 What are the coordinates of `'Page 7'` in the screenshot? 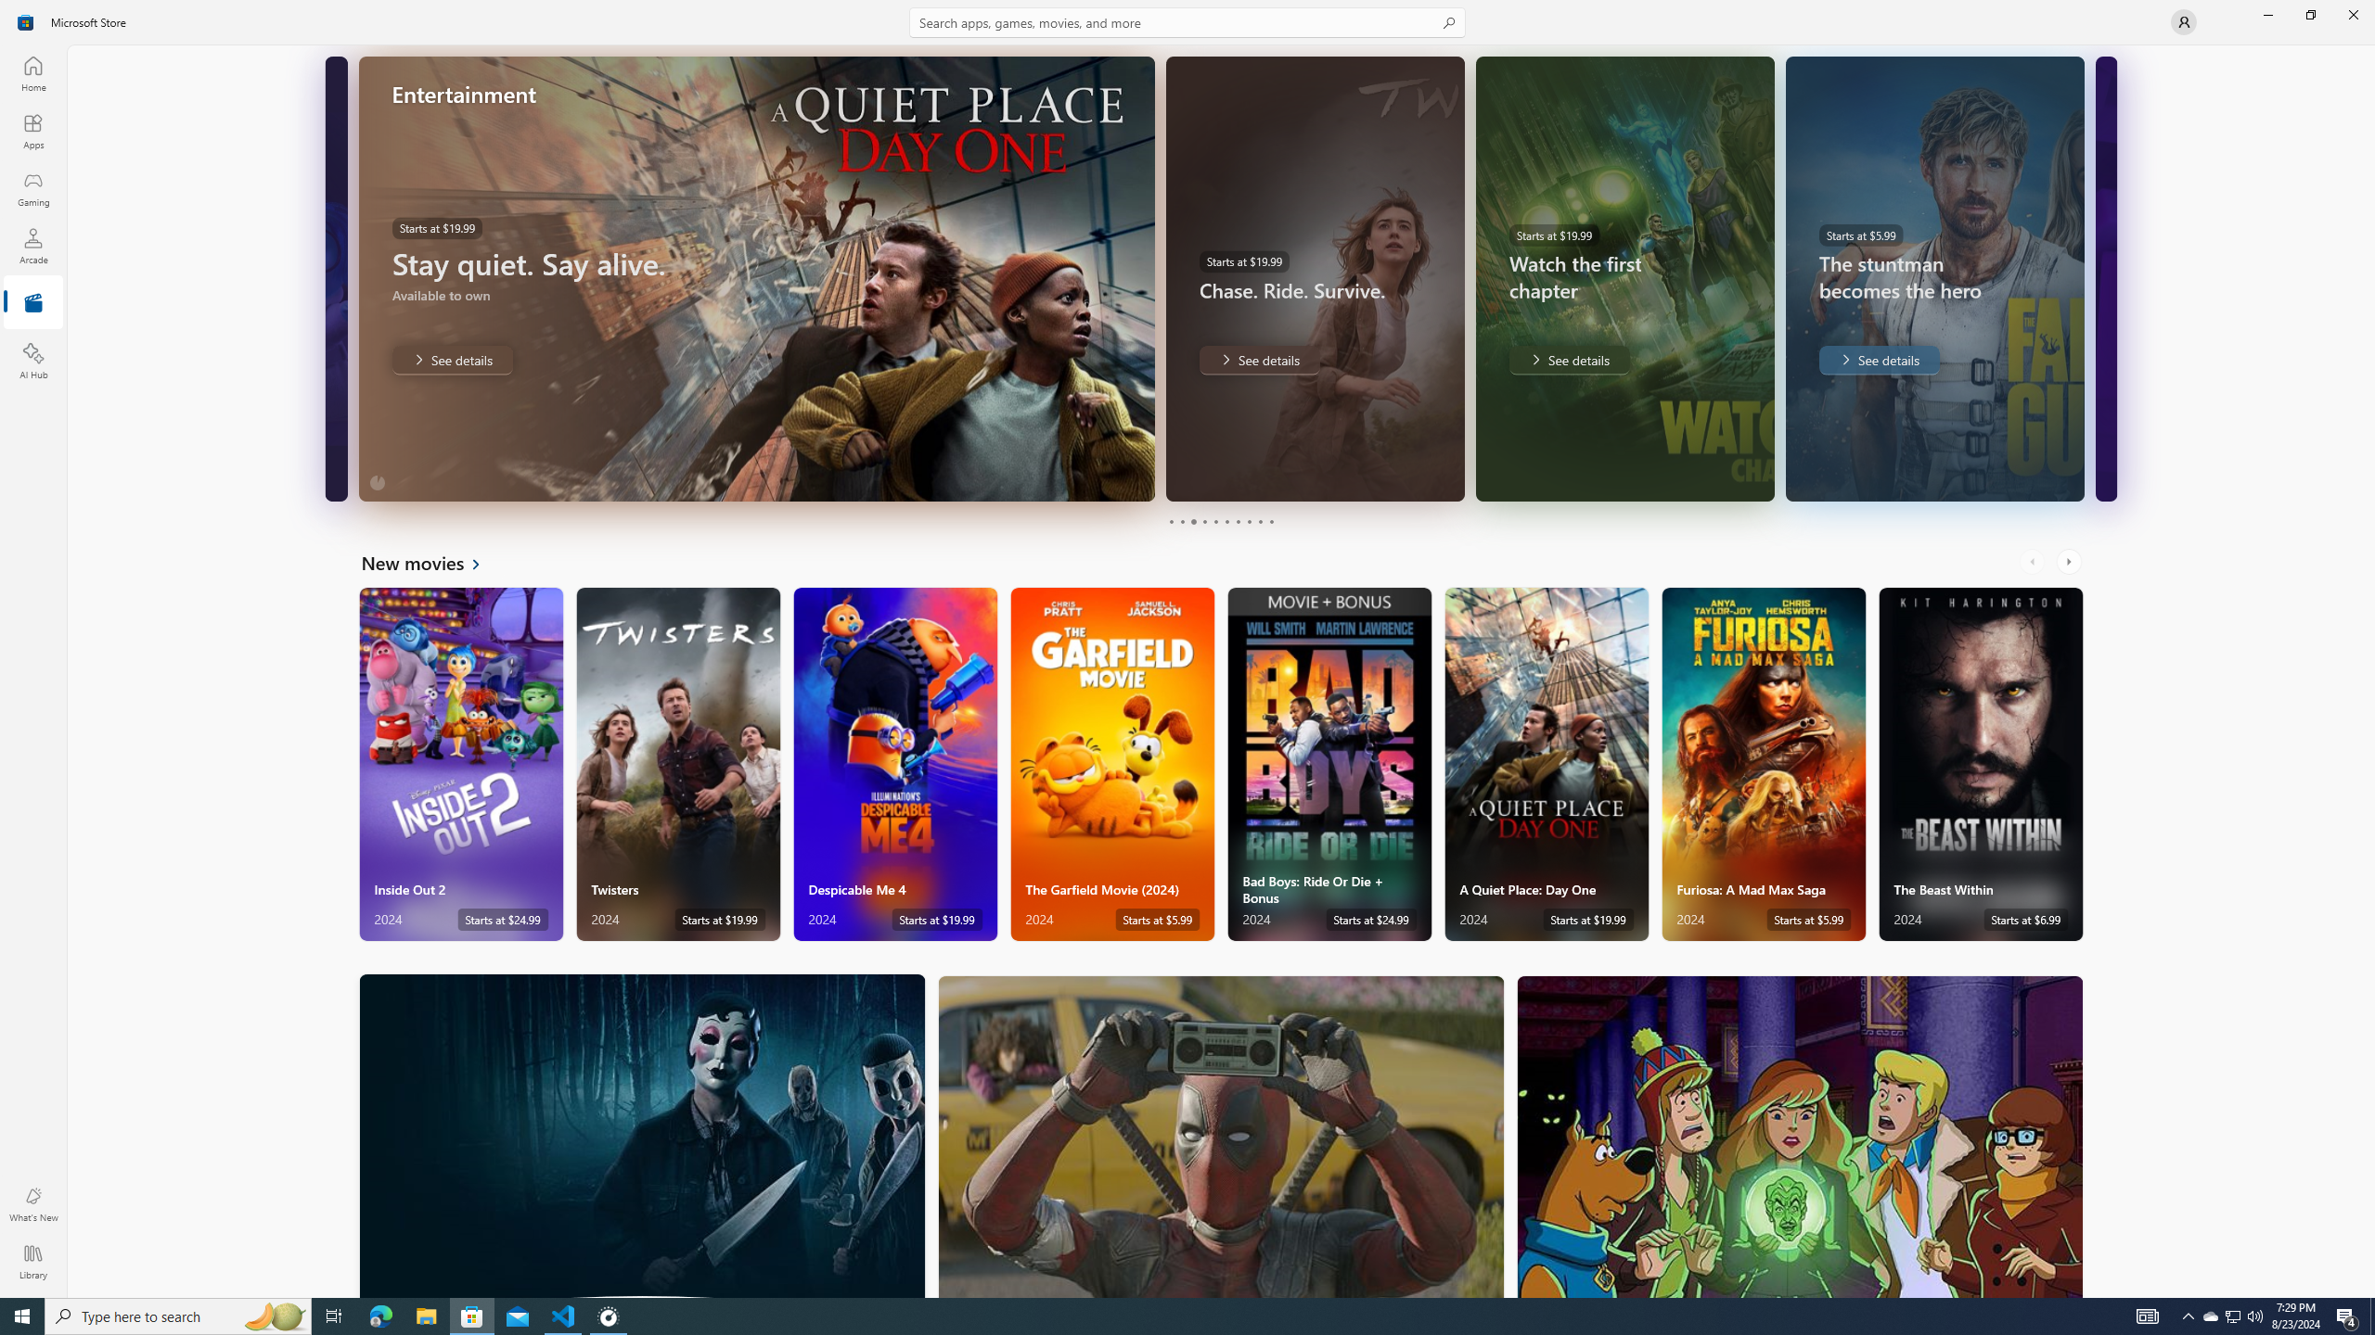 It's located at (1236, 521).